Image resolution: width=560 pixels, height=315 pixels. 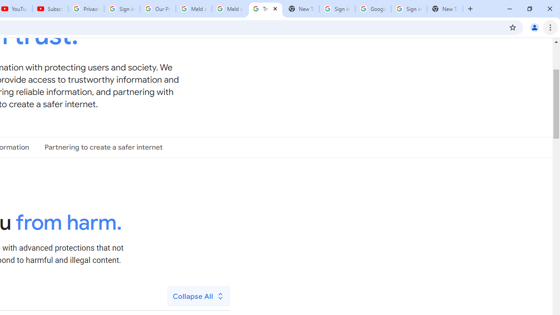 I want to click on 'Trusted Information and Content - Google Safety Center', so click(x=265, y=9).